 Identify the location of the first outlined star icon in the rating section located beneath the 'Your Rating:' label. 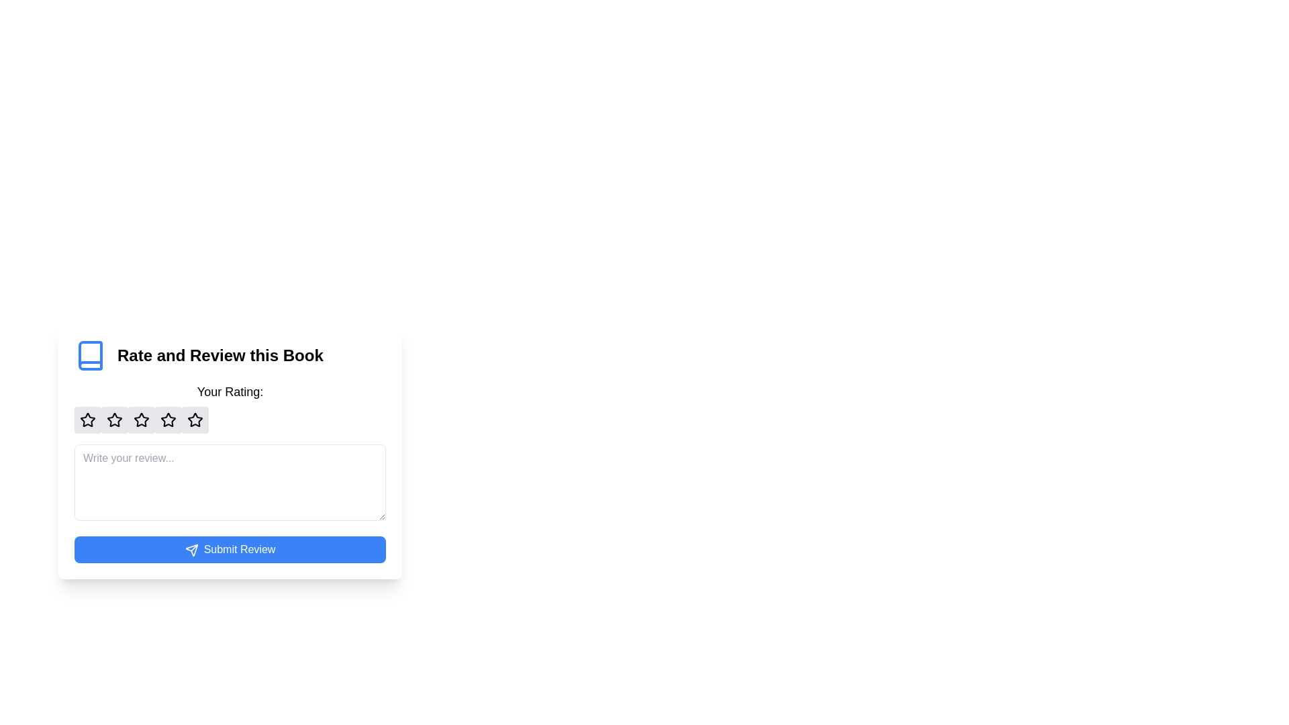
(87, 419).